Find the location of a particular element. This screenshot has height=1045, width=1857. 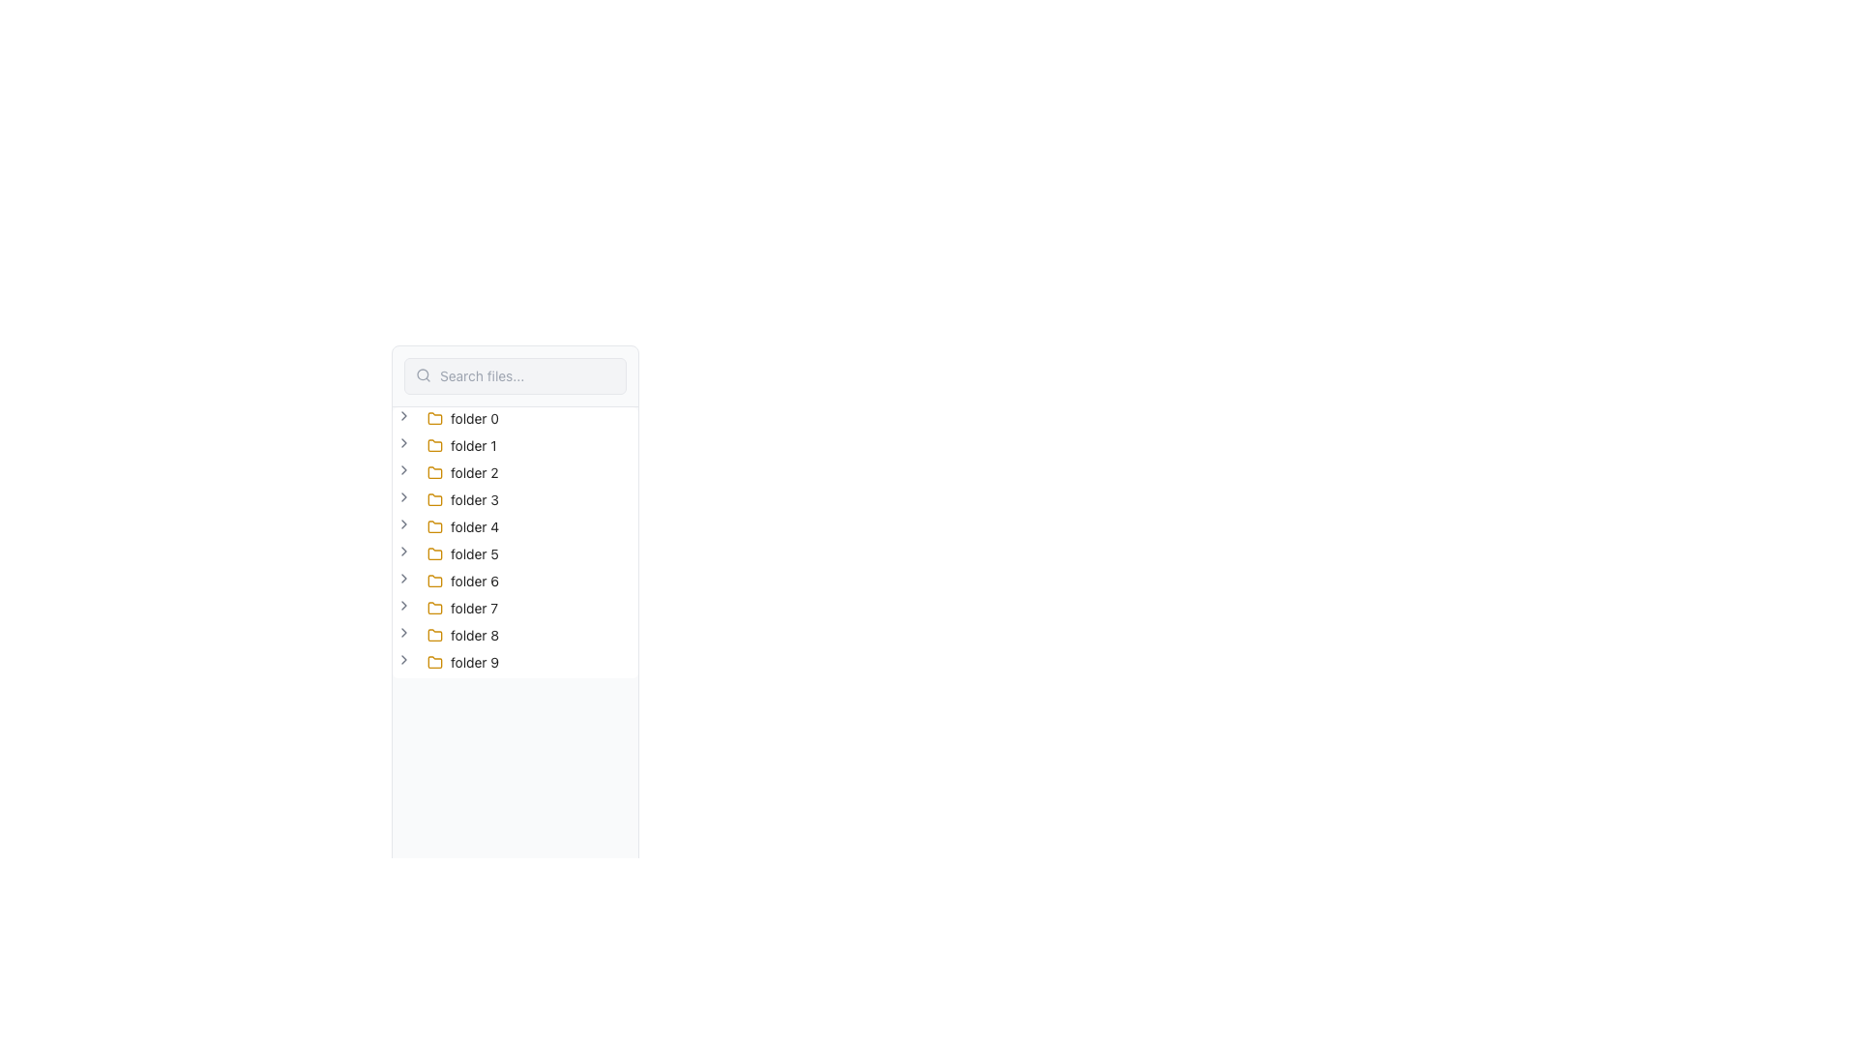

the chevron-shaped icon representing the right-facing arrow located to the left of the text label 'folder 1' in the second row of the collapsible tree structure to trigger a tooltip or highlight the folder is located at coordinates (402, 443).